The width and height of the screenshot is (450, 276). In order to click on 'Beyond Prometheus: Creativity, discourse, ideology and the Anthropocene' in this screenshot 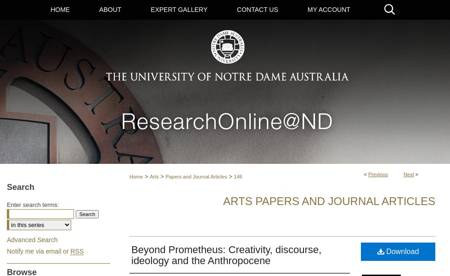, I will do `click(226, 255)`.